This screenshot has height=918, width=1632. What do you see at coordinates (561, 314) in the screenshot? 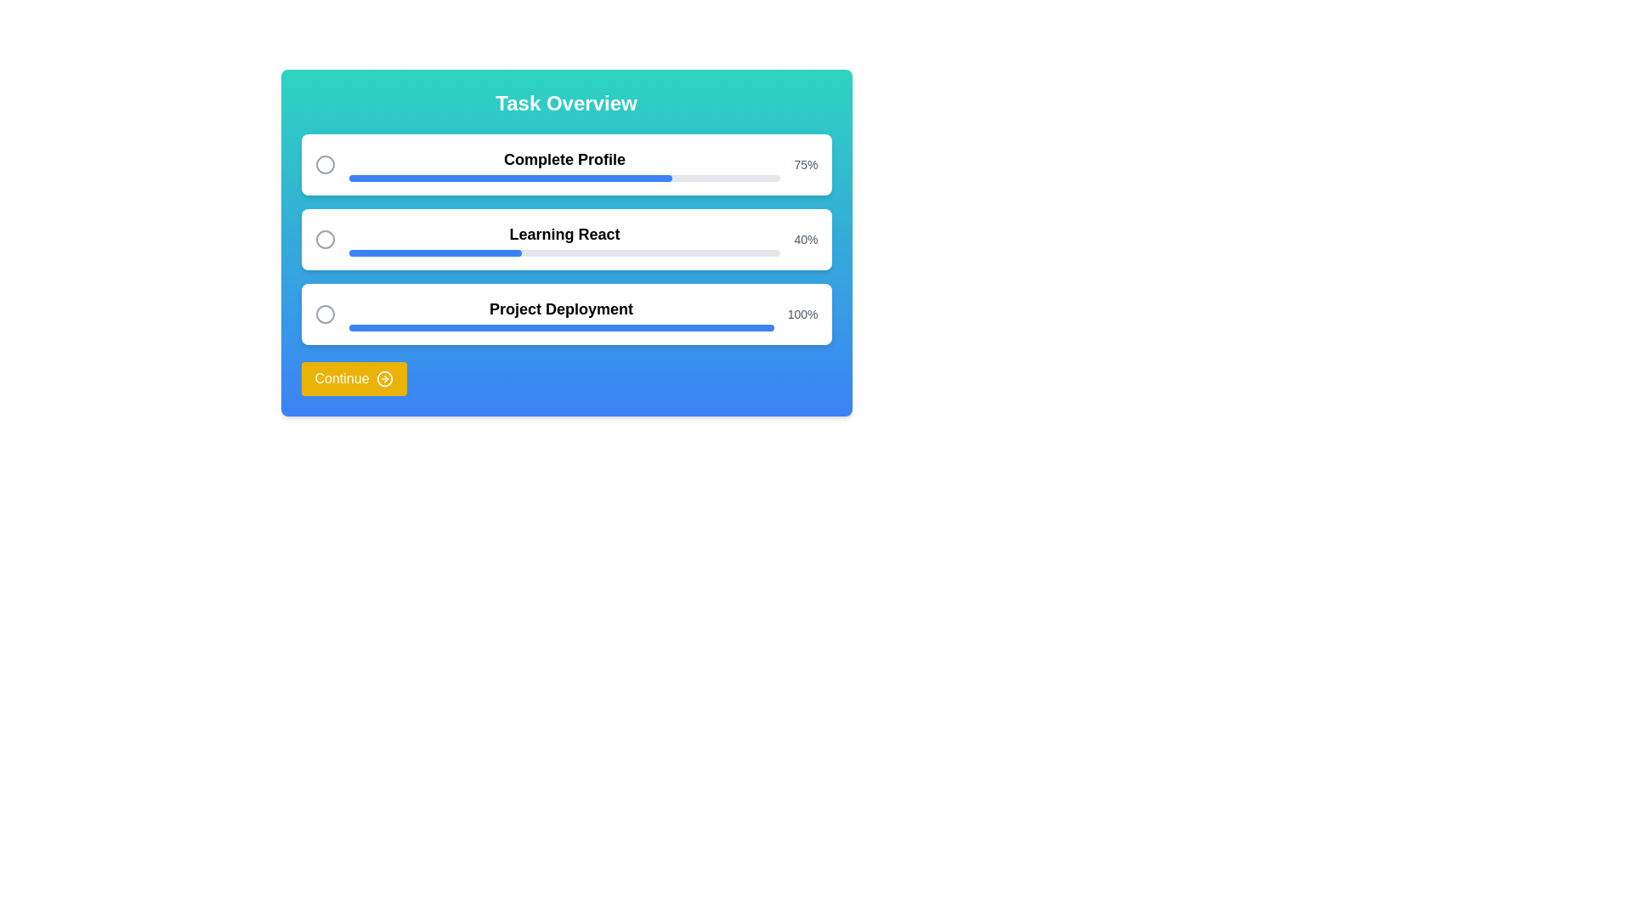
I see `text label 'Project Deployment' displayed in bold above the progress bar in the third card-like section of the interface` at bounding box center [561, 314].